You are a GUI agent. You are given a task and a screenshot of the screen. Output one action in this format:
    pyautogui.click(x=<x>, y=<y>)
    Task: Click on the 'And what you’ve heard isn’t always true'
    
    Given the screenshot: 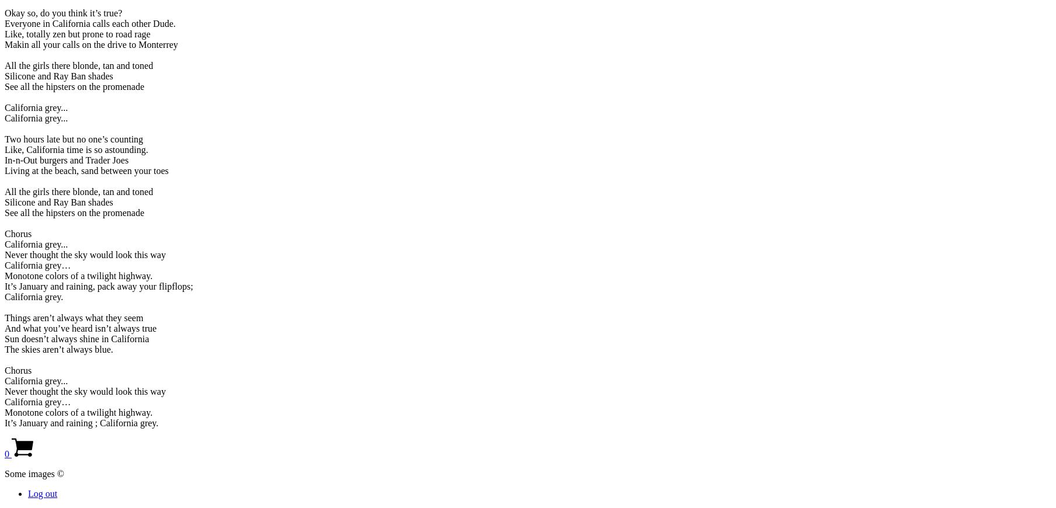 What is the action you would take?
    pyautogui.click(x=4, y=327)
    